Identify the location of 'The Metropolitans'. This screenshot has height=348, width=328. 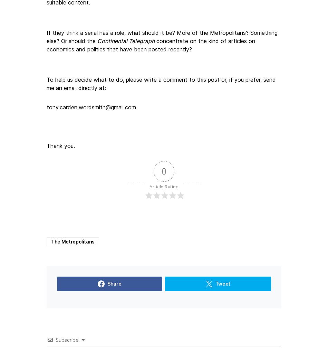
(73, 241).